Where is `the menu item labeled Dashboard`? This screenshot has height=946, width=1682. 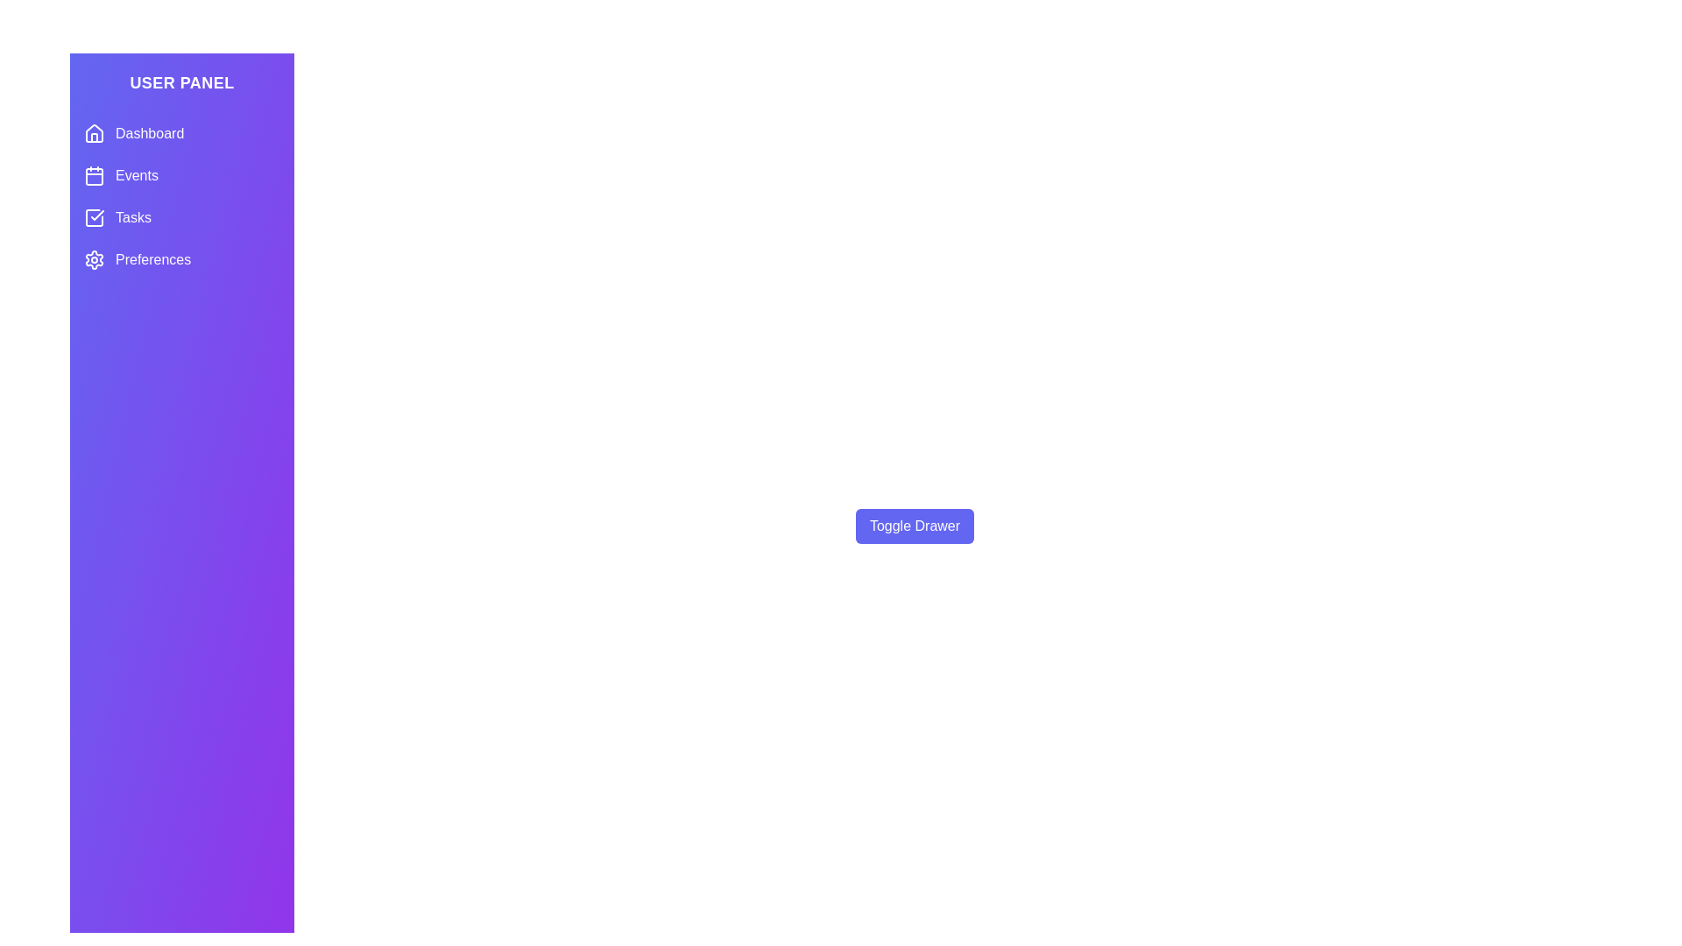 the menu item labeled Dashboard is located at coordinates (181, 133).